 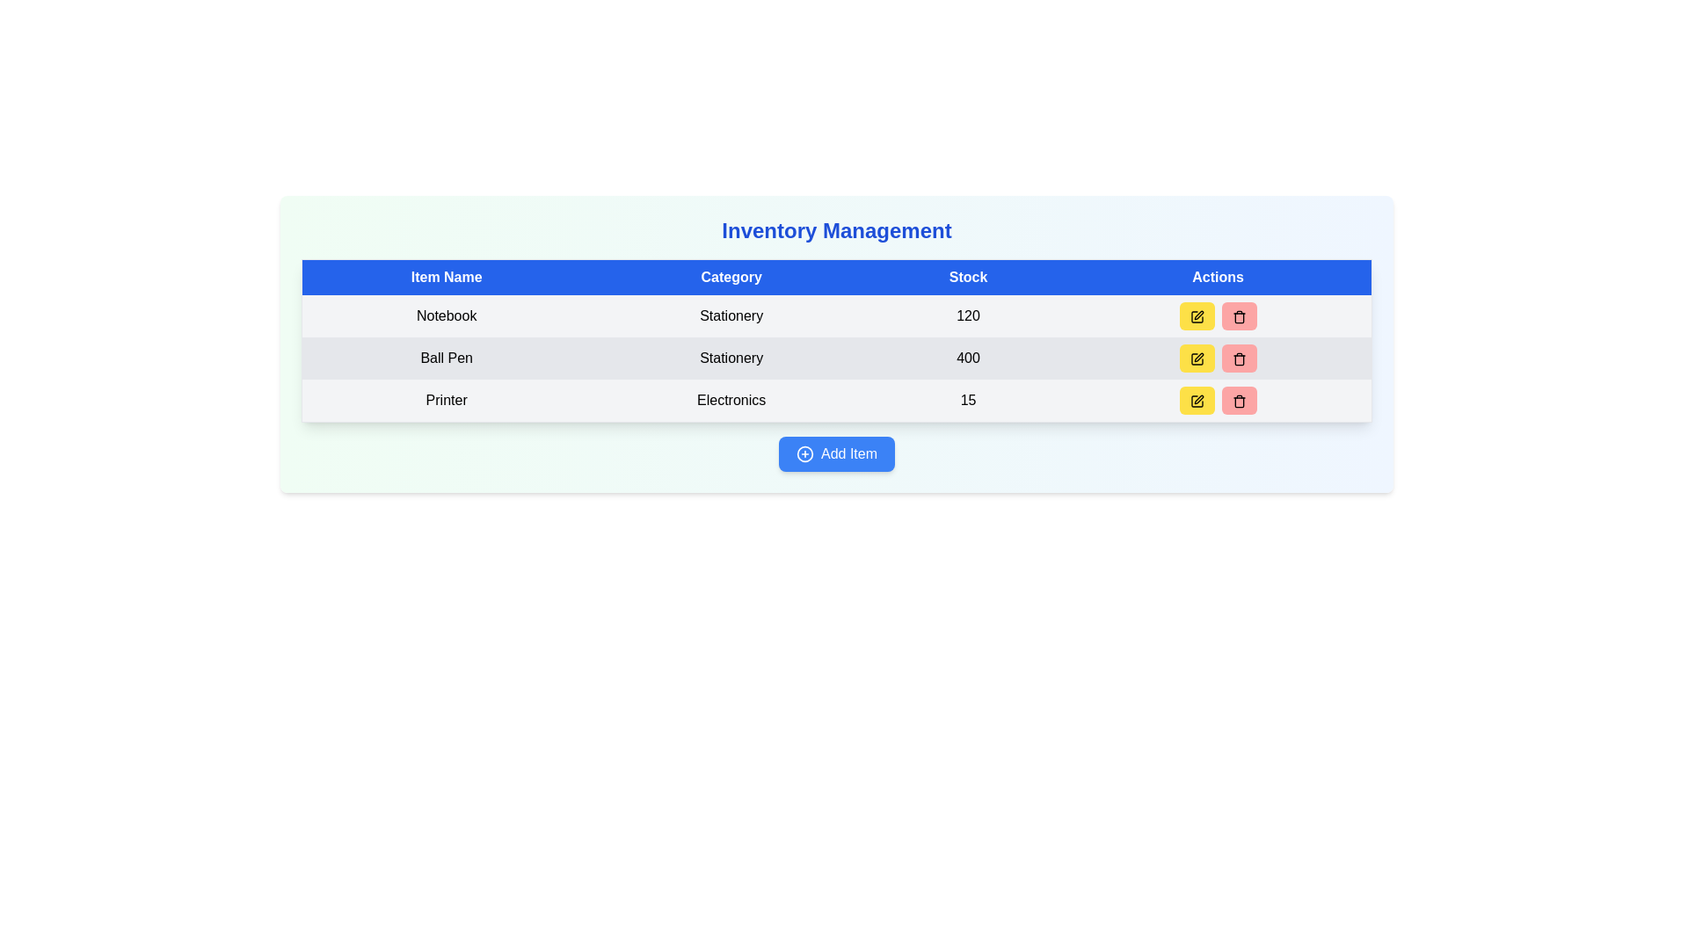 I want to click on the trash bin icon button located in the third row of the table under the 'Actions' column to possibly see a tooltip, so click(x=1238, y=358).